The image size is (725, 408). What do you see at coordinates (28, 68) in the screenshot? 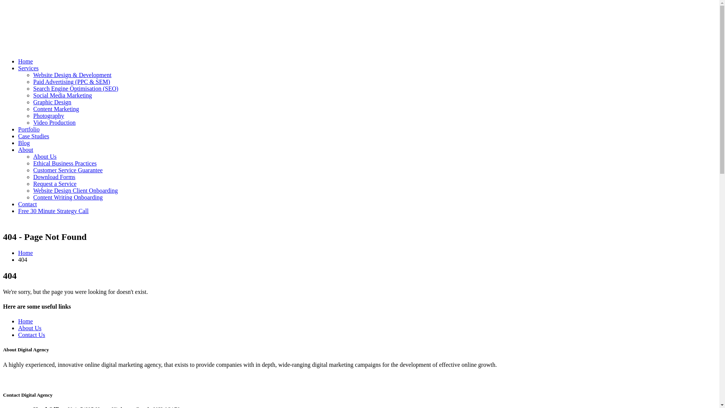
I see `'Services'` at bounding box center [28, 68].